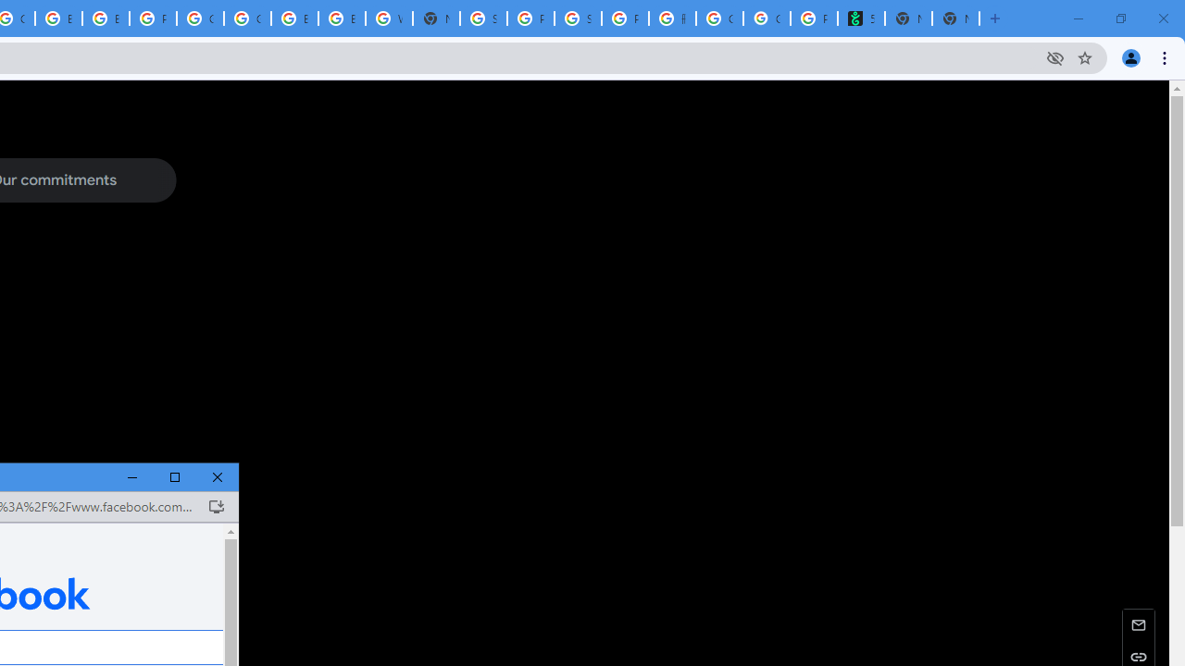 The width and height of the screenshot is (1185, 666). What do you see at coordinates (1138, 624) in the screenshot?
I see `'Share this page (Email)'` at bounding box center [1138, 624].